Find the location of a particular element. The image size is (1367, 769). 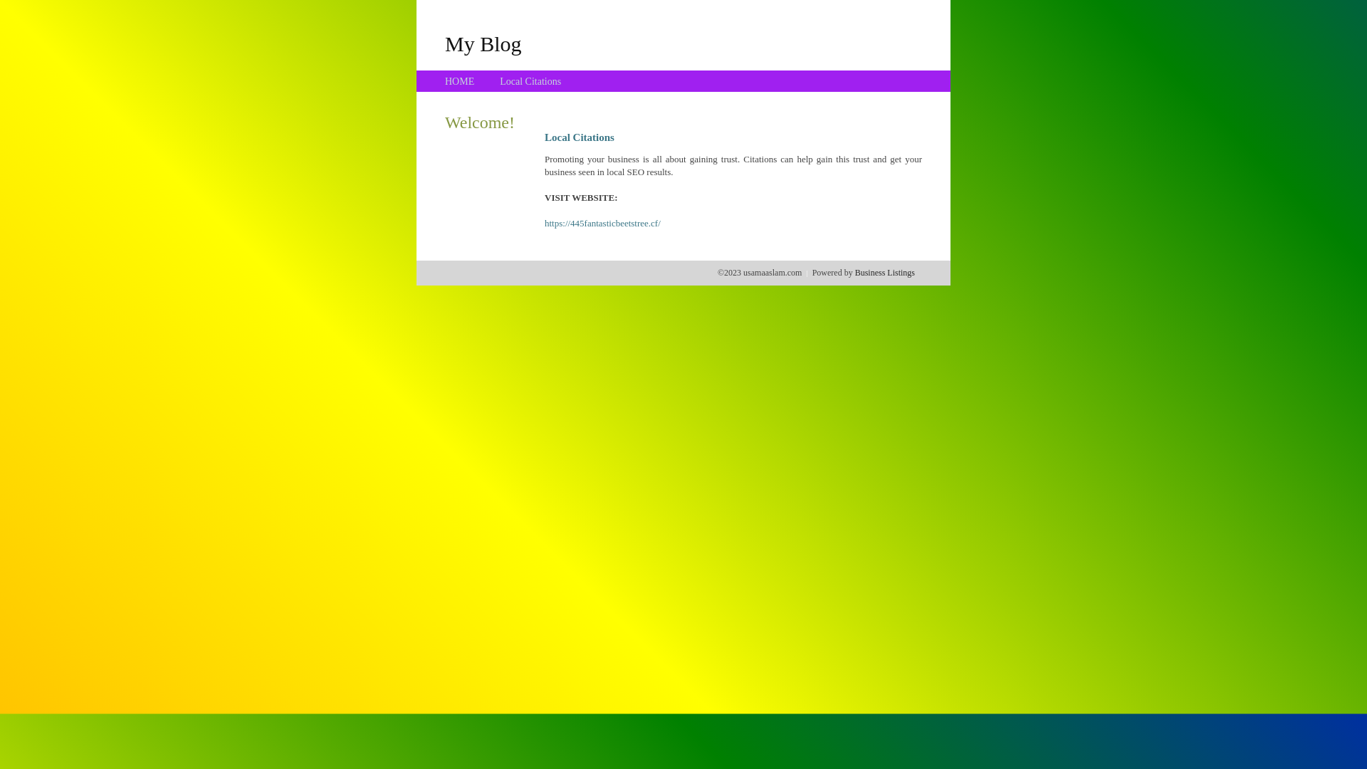

'https://445fantasticbeetstree.cf/' is located at coordinates (602, 223).